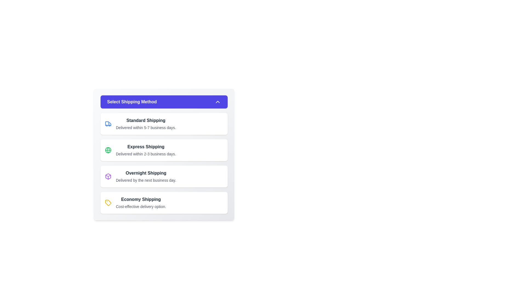 This screenshot has width=526, height=296. Describe the element at coordinates (146, 154) in the screenshot. I see `the label located just below the 'Express Shipping' header in the shipping options section` at that location.